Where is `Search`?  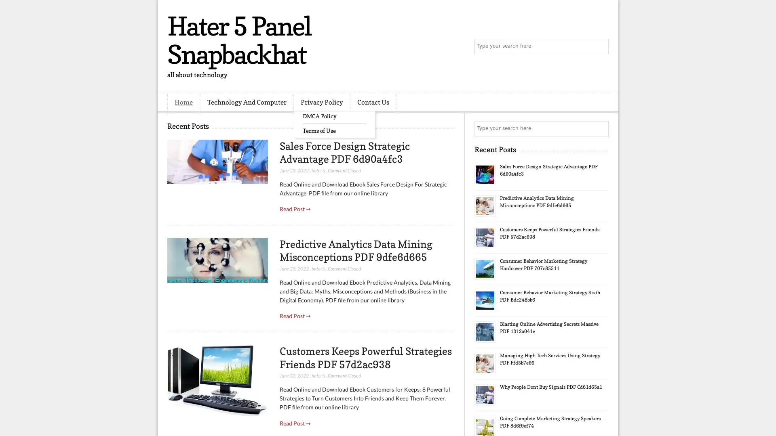
Search is located at coordinates (600, 46).